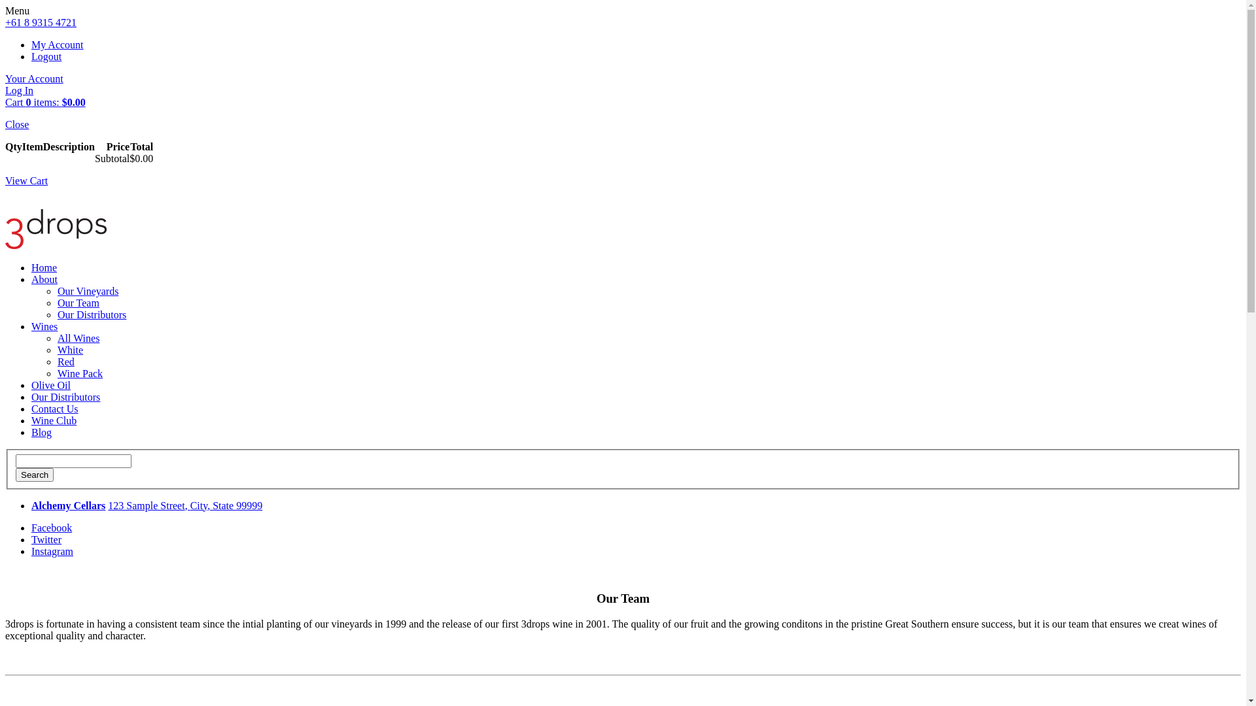  Describe the element at coordinates (45, 101) in the screenshot. I see `'Cart 0 items: $0.00'` at that location.